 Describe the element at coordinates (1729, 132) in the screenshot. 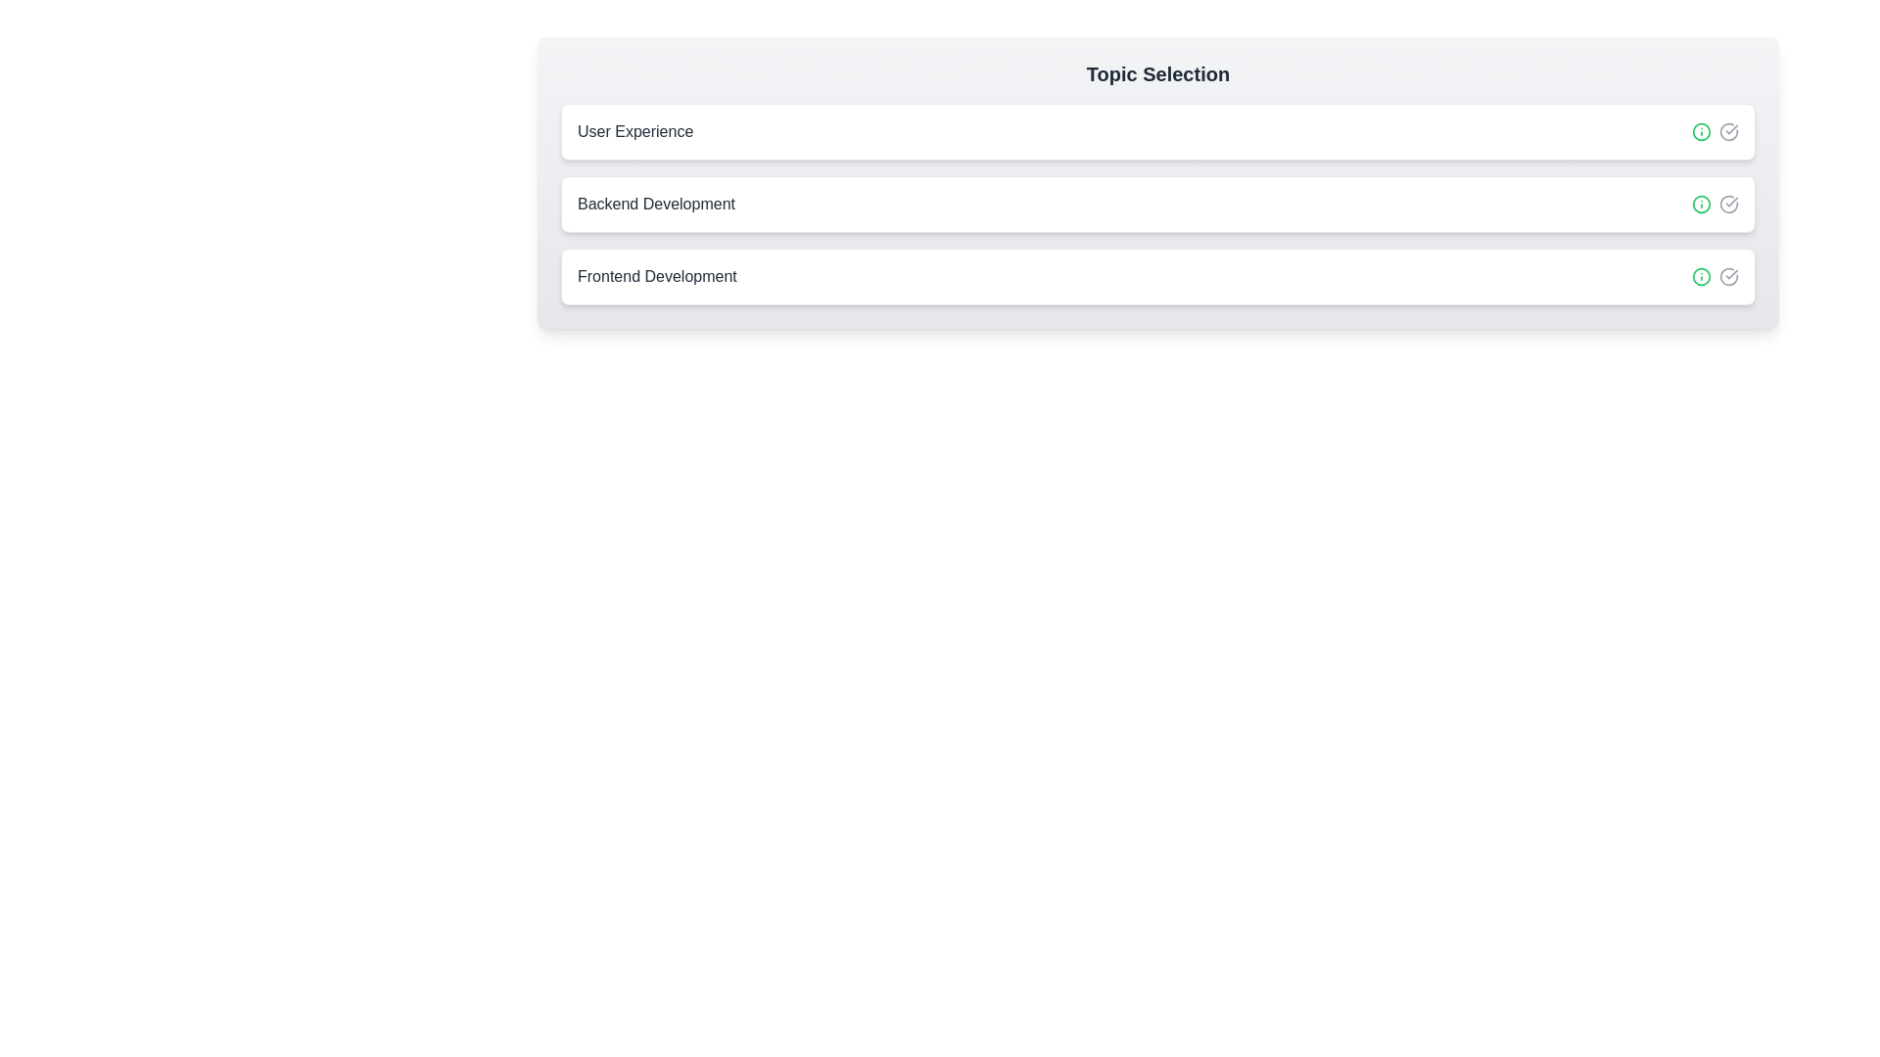

I see `the close icon of the selected chip to deselect it` at that location.